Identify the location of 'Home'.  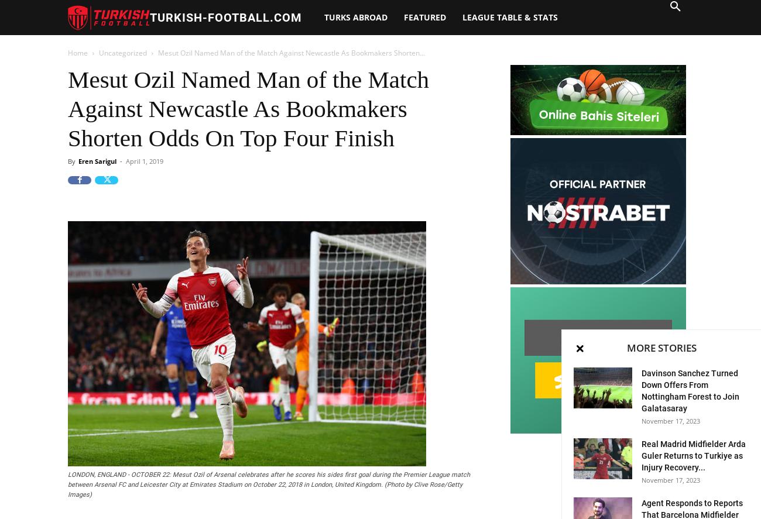
(77, 52).